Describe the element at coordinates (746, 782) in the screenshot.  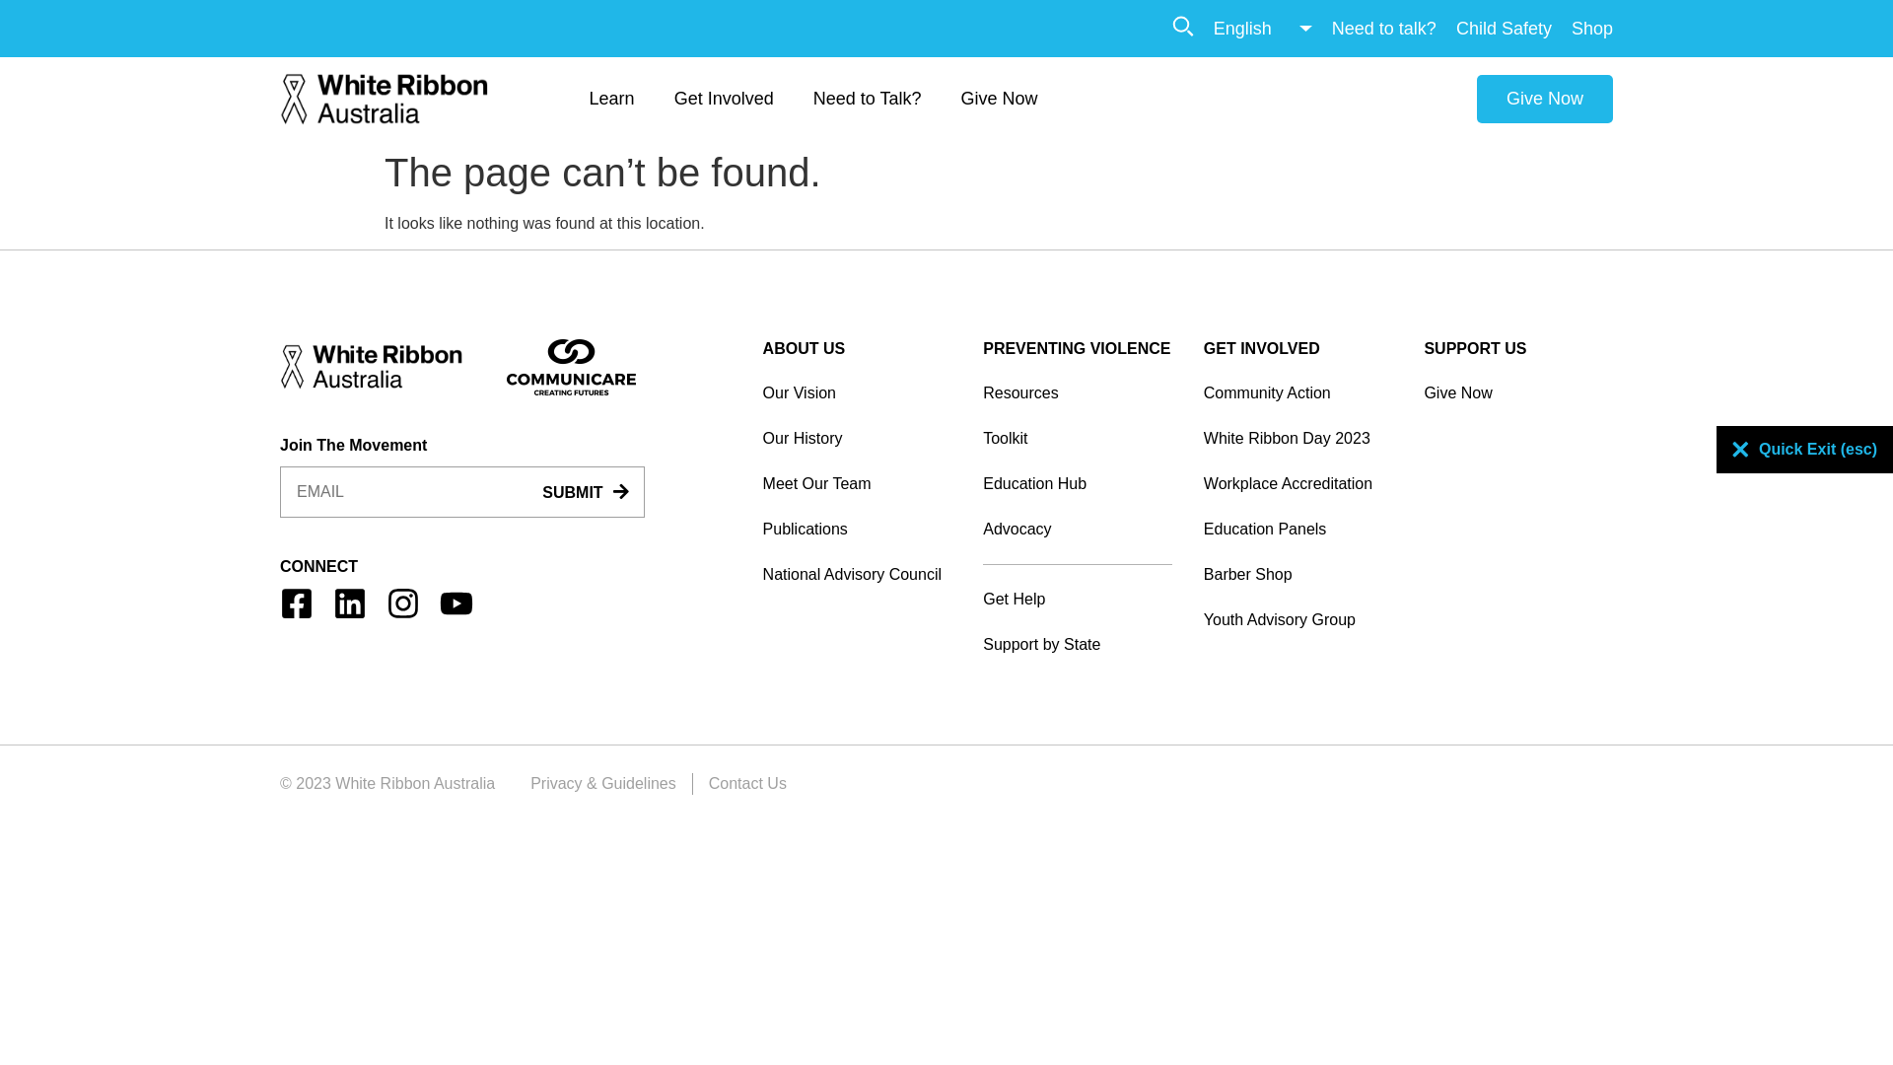
I see `'Contact Us'` at that location.